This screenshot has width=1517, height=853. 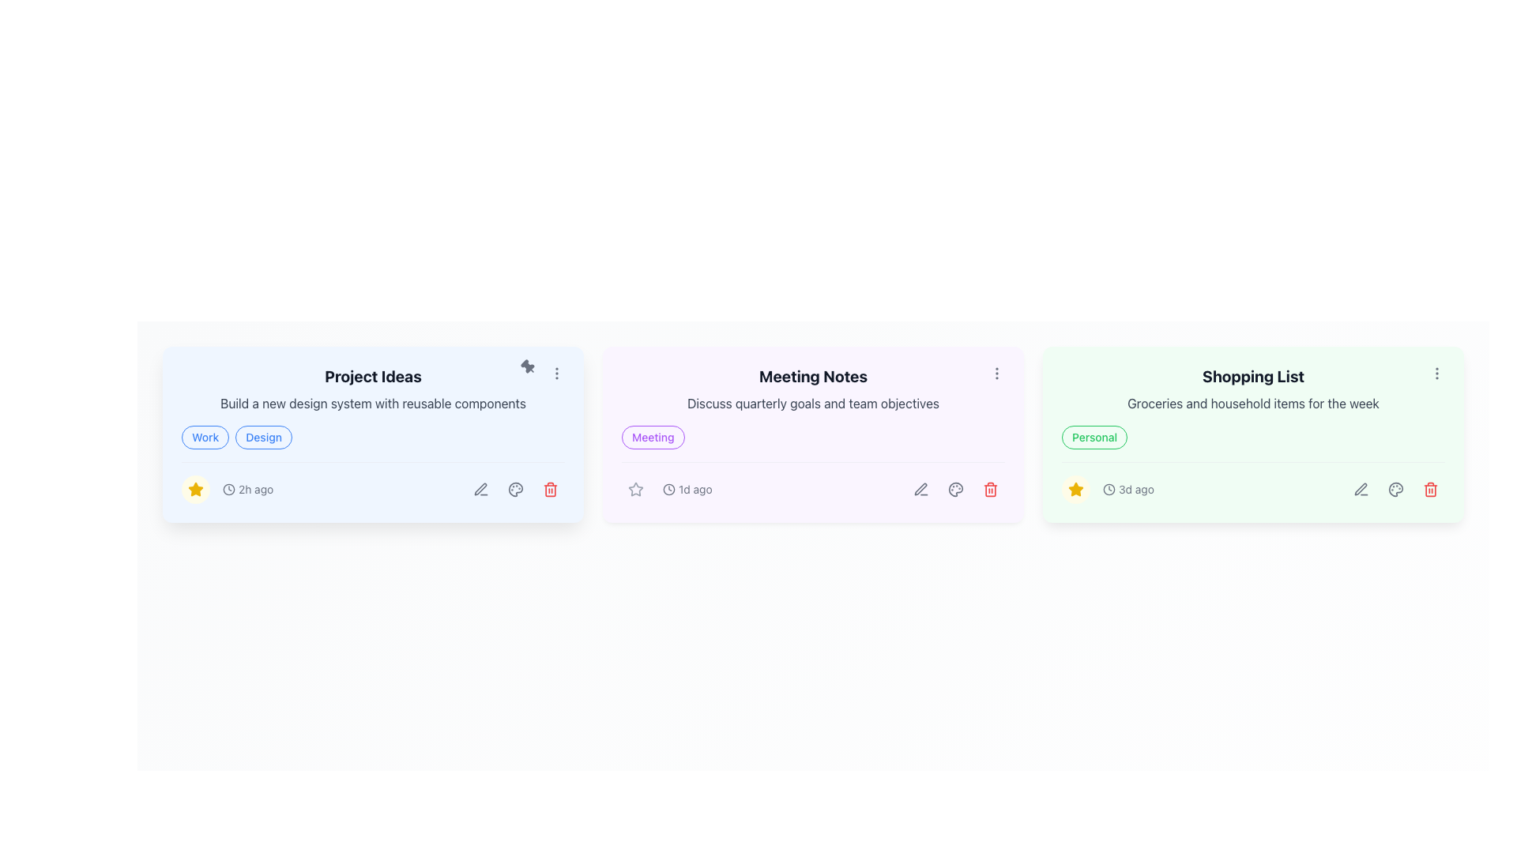 I want to click on the edit icon button located in the bottom-right area of the 'Project Ideas' task card, so click(x=480, y=489).